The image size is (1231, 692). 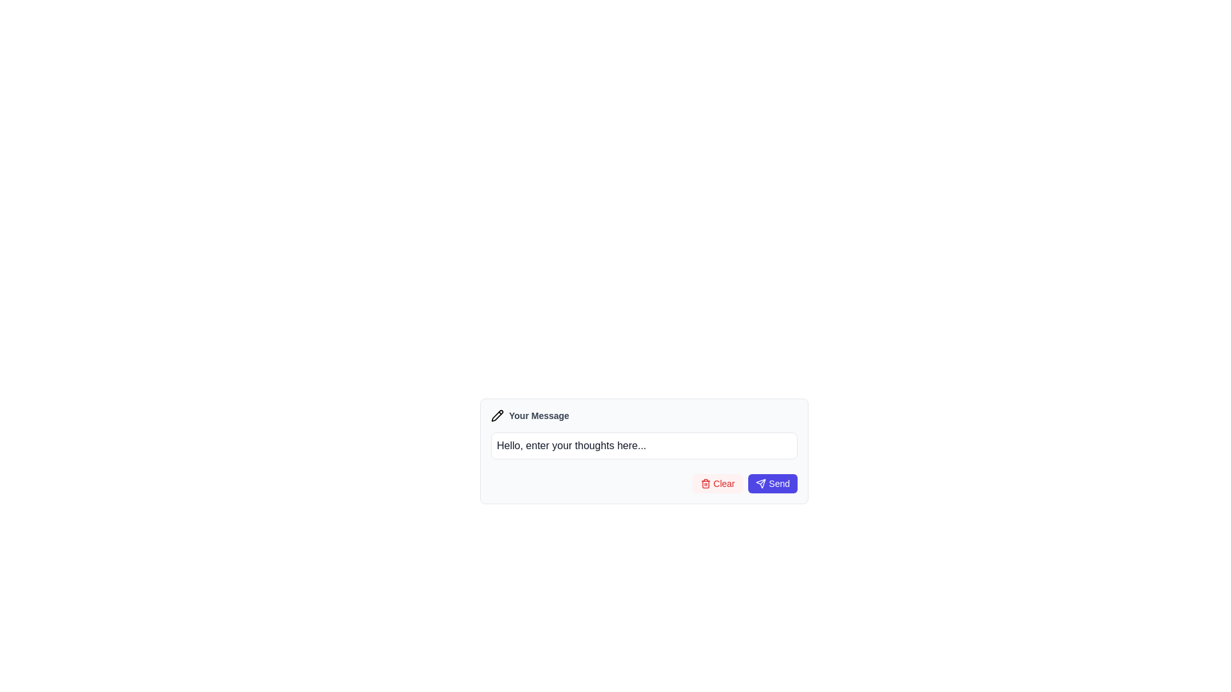 What do you see at coordinates (497, 415) in the screenshot?
I see `the black and white pencil icon, which is positioned to the left of the label 'Your Message', using keyboard navigation` at bounding box center [497, 415].